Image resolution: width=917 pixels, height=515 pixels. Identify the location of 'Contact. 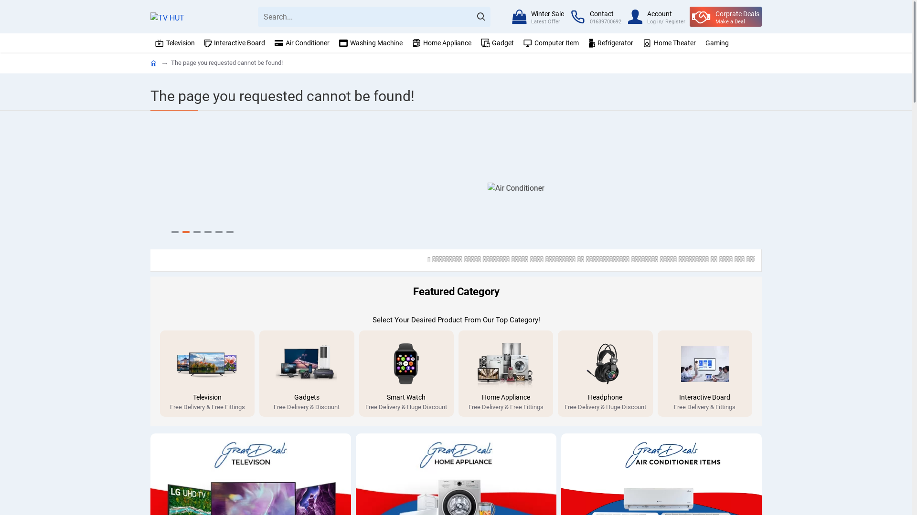
(596, 16).